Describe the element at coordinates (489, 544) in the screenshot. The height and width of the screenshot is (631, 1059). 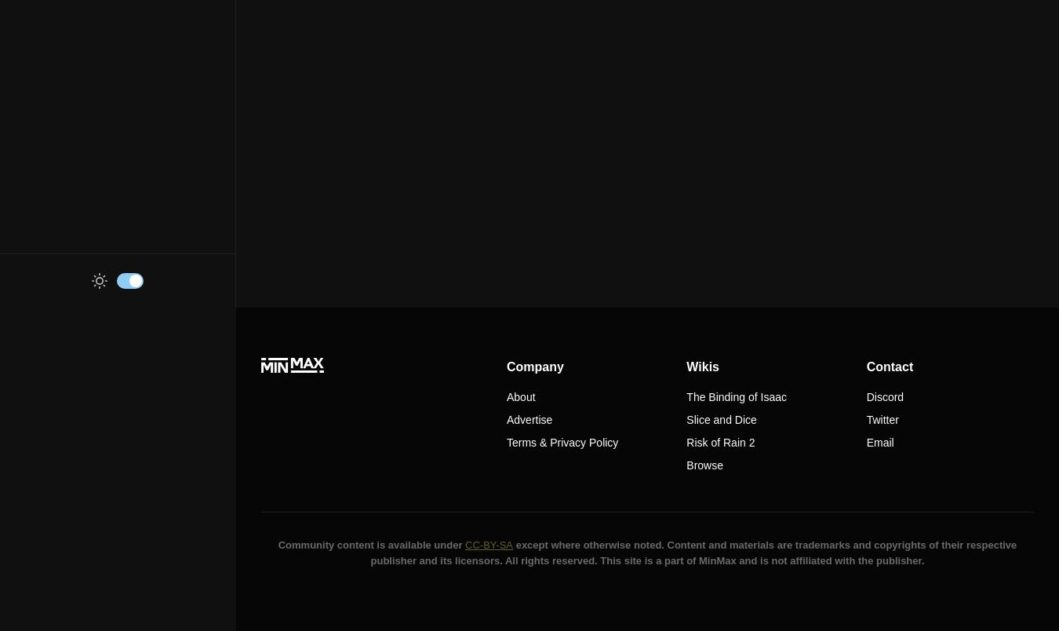
I see `'CC-BY-SA'` at that location.